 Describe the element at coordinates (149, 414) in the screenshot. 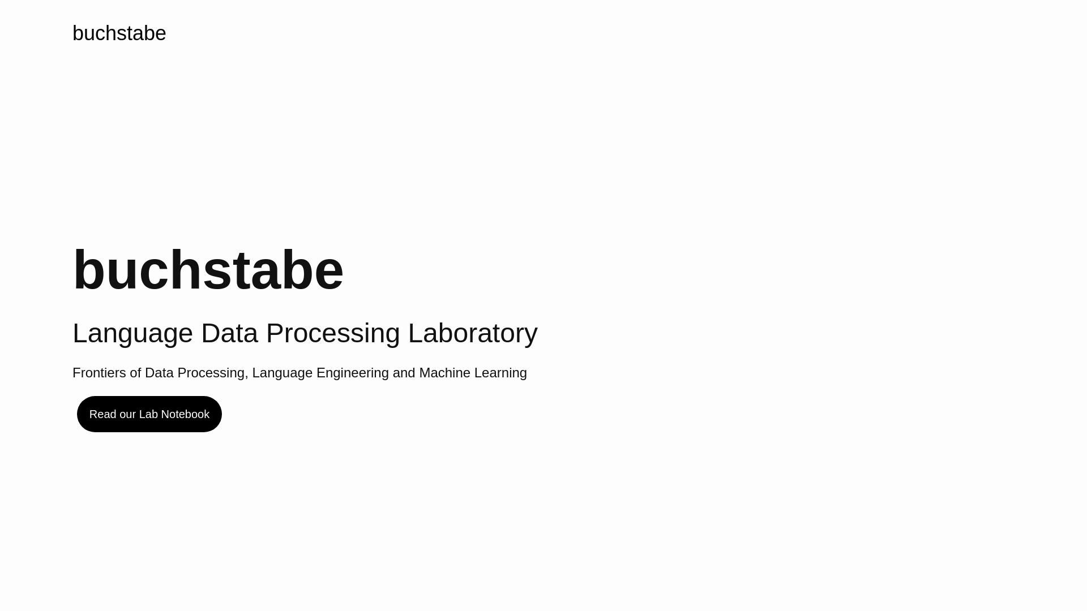

I see `'Read our Lab Notebook'` at that location.